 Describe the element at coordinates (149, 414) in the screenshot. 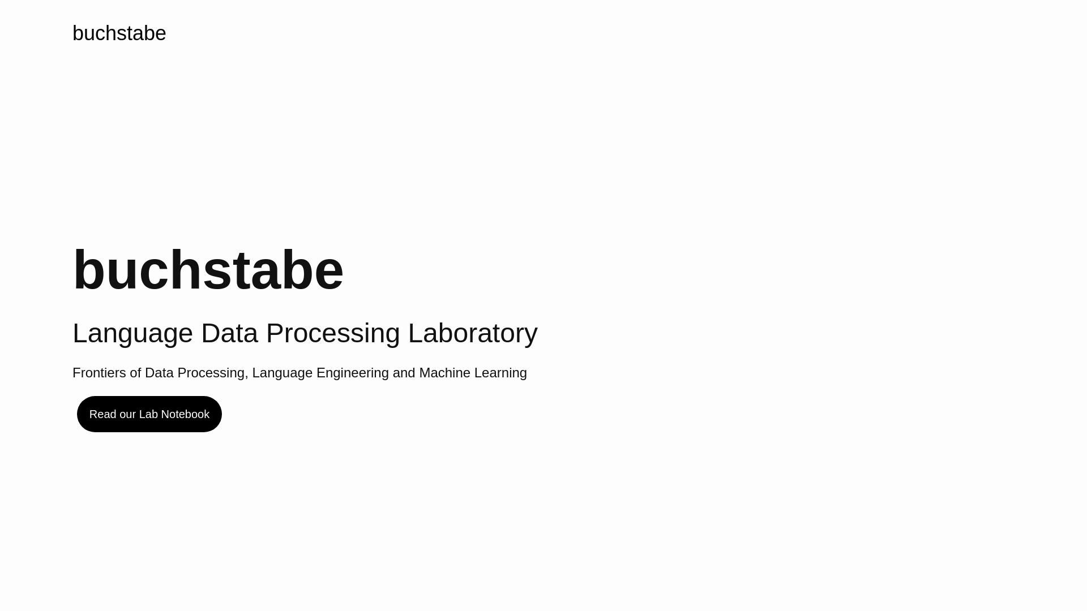

I see `'Read our Lab Notebook'` at that location.